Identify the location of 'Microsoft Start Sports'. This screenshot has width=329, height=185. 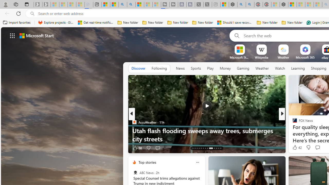
(239, 57).